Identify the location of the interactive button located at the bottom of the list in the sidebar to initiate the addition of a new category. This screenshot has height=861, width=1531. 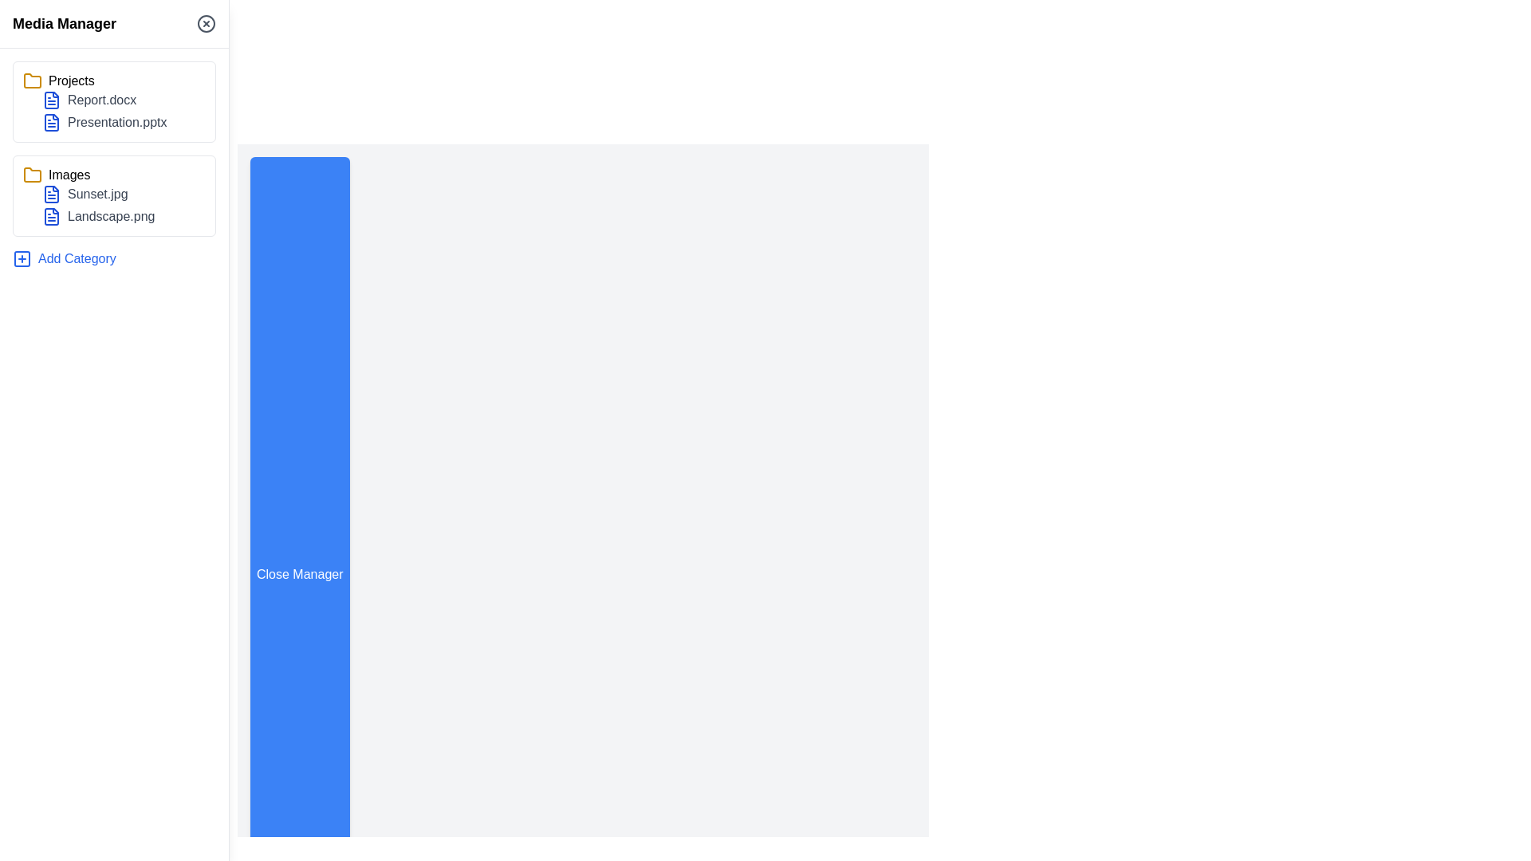
(64, 258).